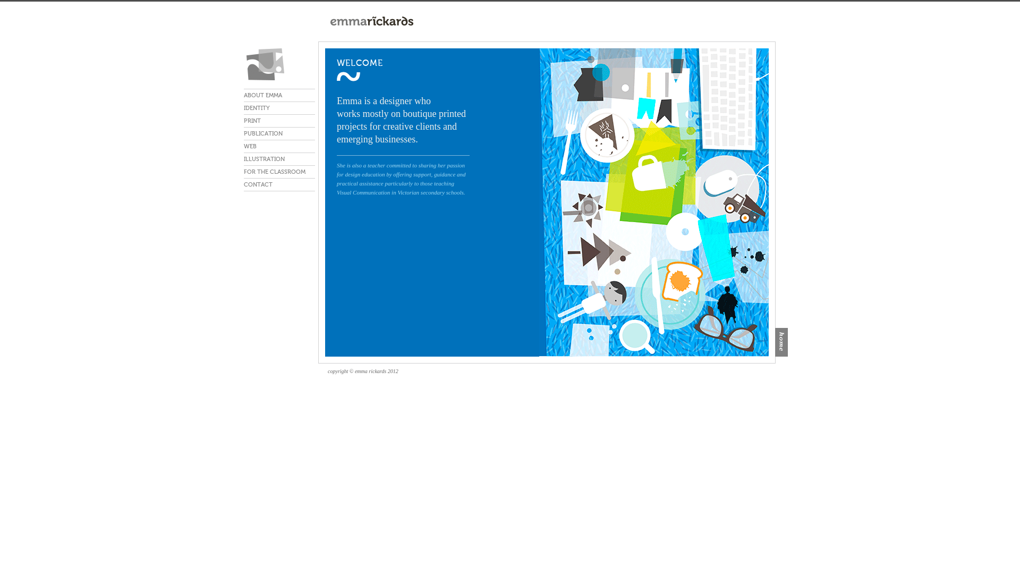 The height and width of the screenshot is (574, 1020). What do you see at coordinates (243, 146) in the screenshot?
I see `'WEB'` at bounding box center [243, 146].